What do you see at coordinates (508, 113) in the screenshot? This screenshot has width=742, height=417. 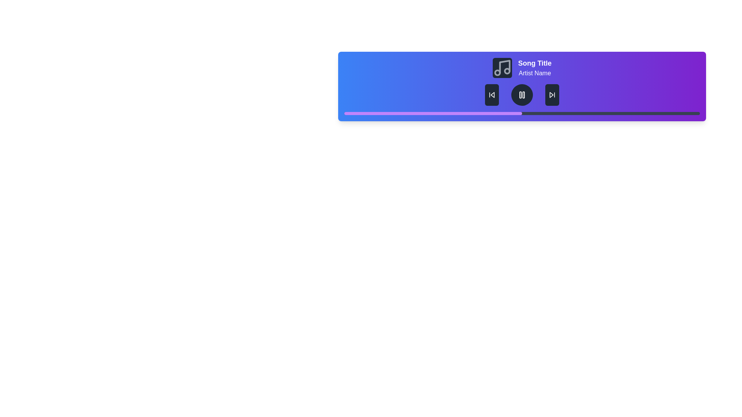 I see `progress` at bounding box center [508, 113].